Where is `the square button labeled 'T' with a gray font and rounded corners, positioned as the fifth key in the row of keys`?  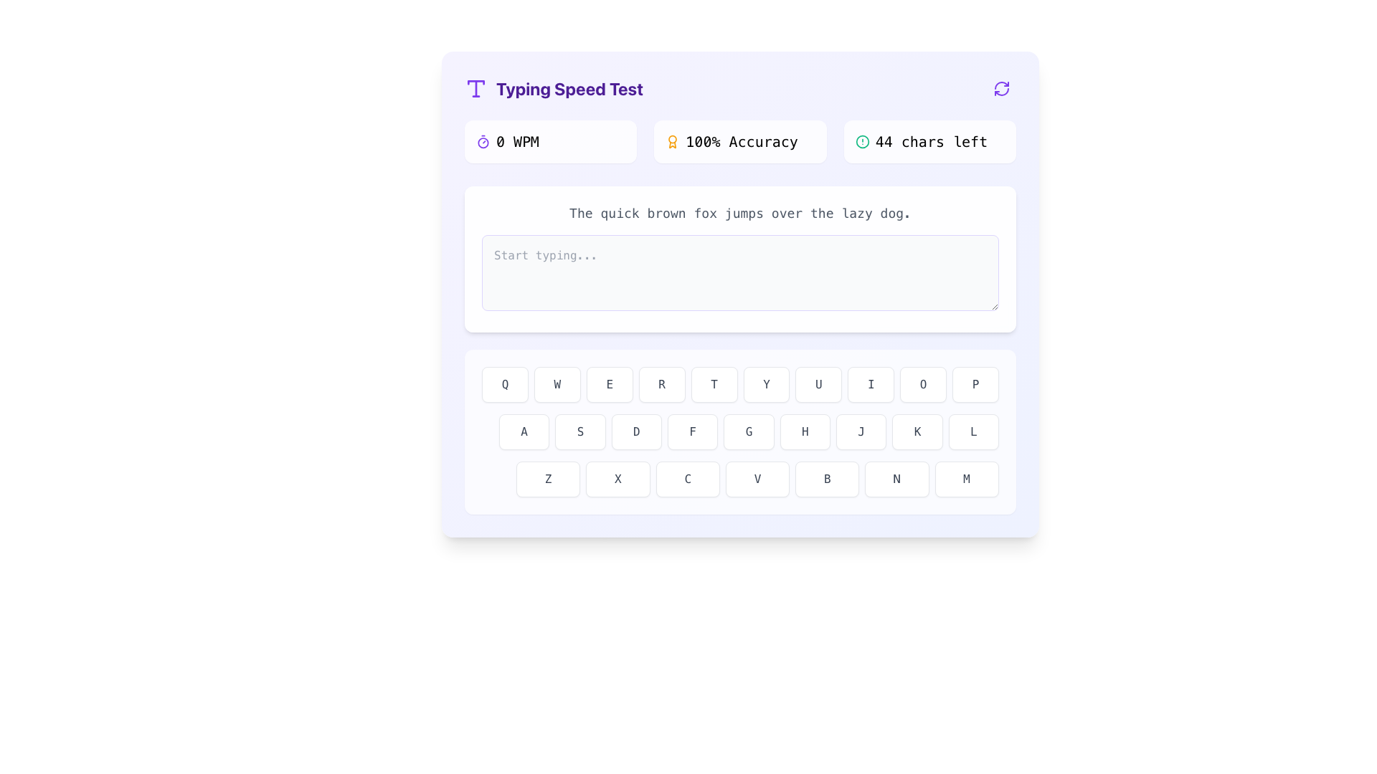
the square button labeled 'T' with a gray font and rounded corners, positioned as the fifth key in the row of keys is located at coordinates (714, 383).